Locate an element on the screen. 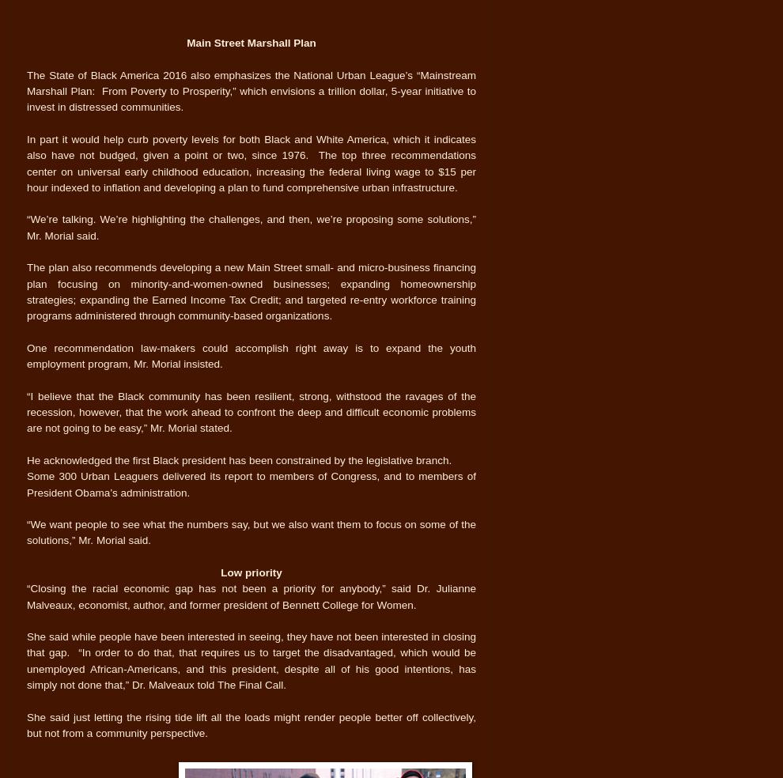 The image size is (783, 778). '“I believe that the Black community has been resilient, strong, withstood the ravages of the recession, however, that the work ahead to confront the deep and difficult economic problems are not going to be easy,” Mr. Morial stated.' is located at coordinates (250, 411).